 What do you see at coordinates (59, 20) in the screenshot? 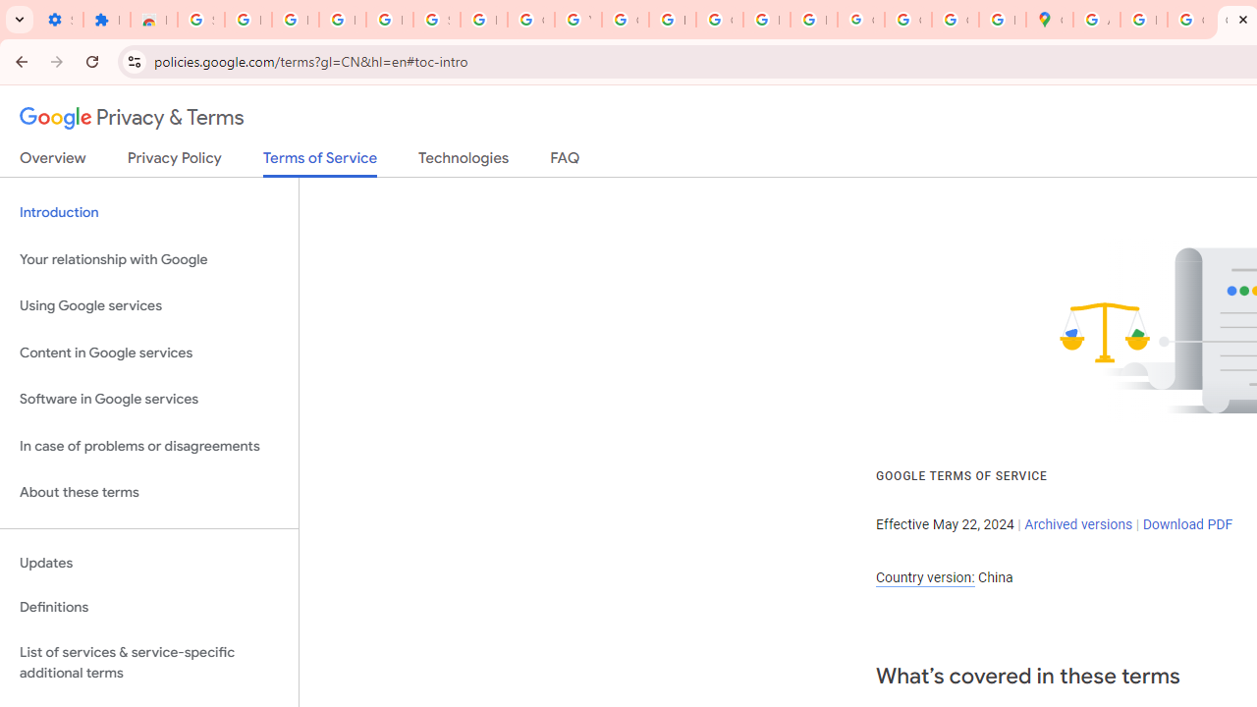
I see `'Settings - On startup'` at bounding box center [59, 20].